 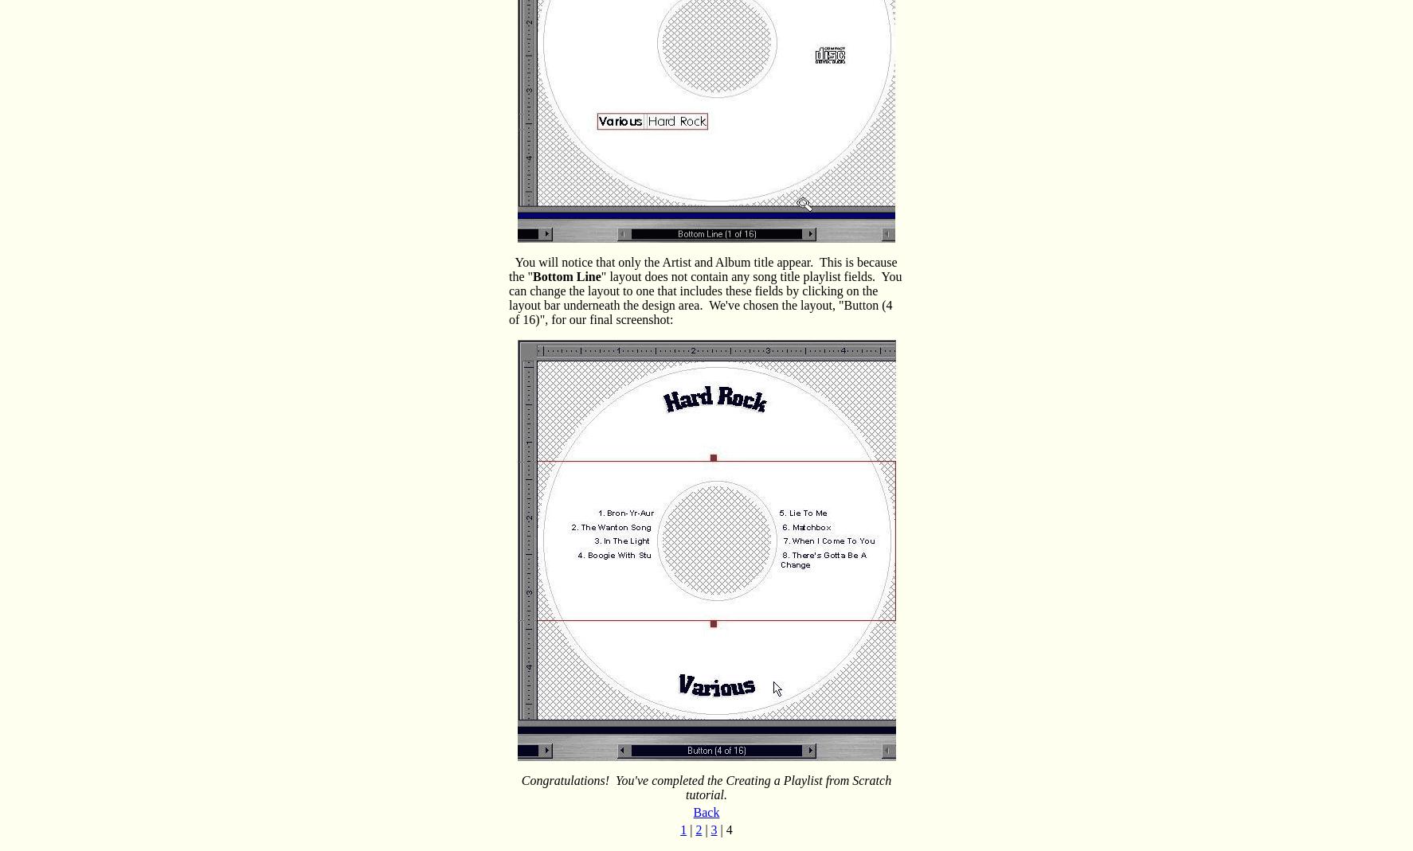 I want to click on 'You will notice that only the Artist and Album title 
        appear.  This is because the "', so click(x=703, y=269).